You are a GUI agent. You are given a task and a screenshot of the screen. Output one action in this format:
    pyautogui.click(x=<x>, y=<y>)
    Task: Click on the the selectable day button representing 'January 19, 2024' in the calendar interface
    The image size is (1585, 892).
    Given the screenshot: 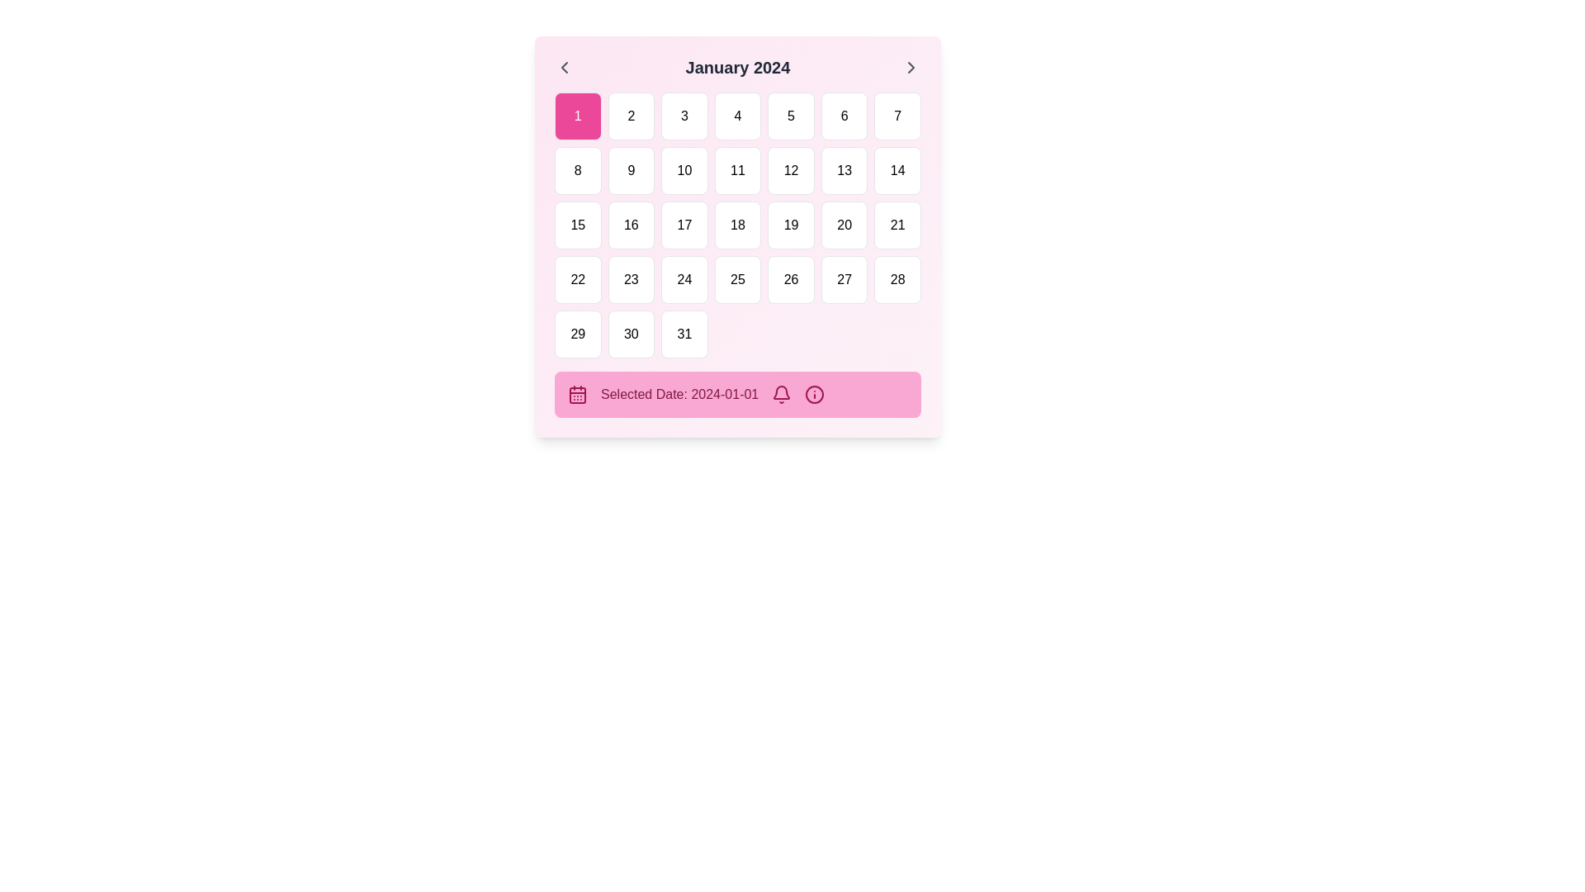 What is the action you would take?
    pyautogui.click(x=790, y=225)
    